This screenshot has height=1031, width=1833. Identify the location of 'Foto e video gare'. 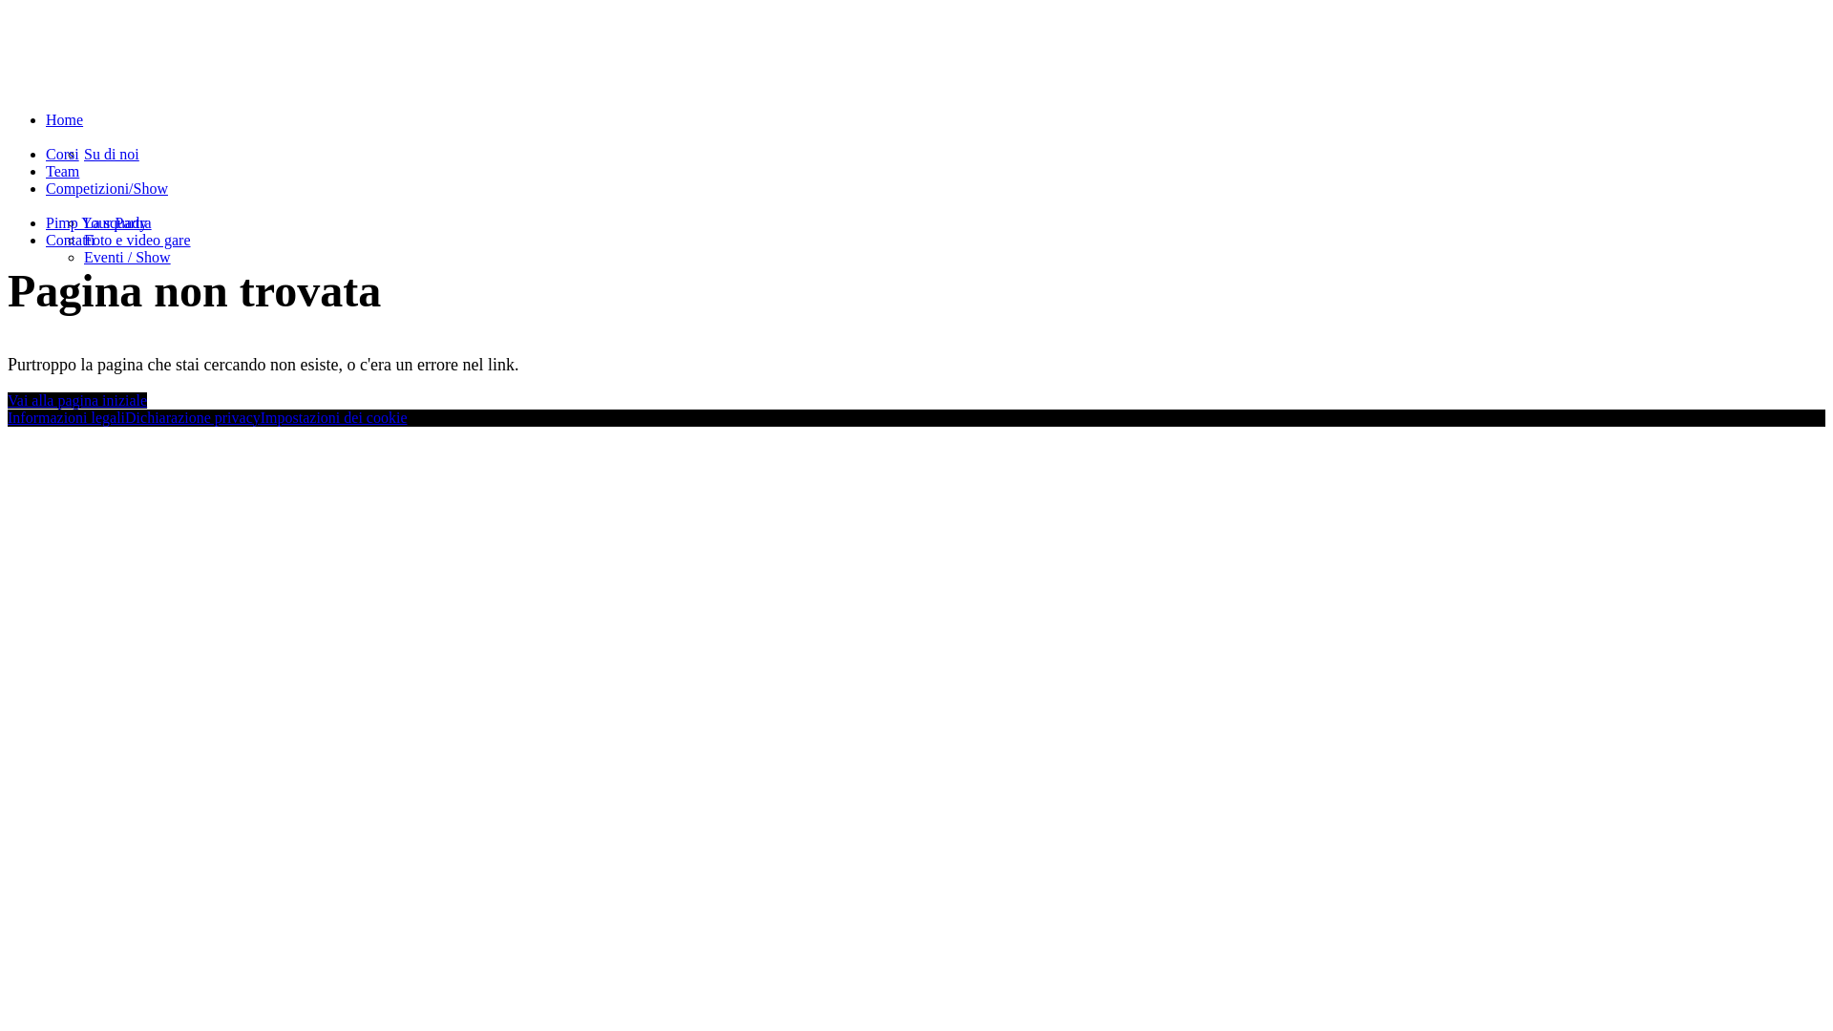
(137, 239).